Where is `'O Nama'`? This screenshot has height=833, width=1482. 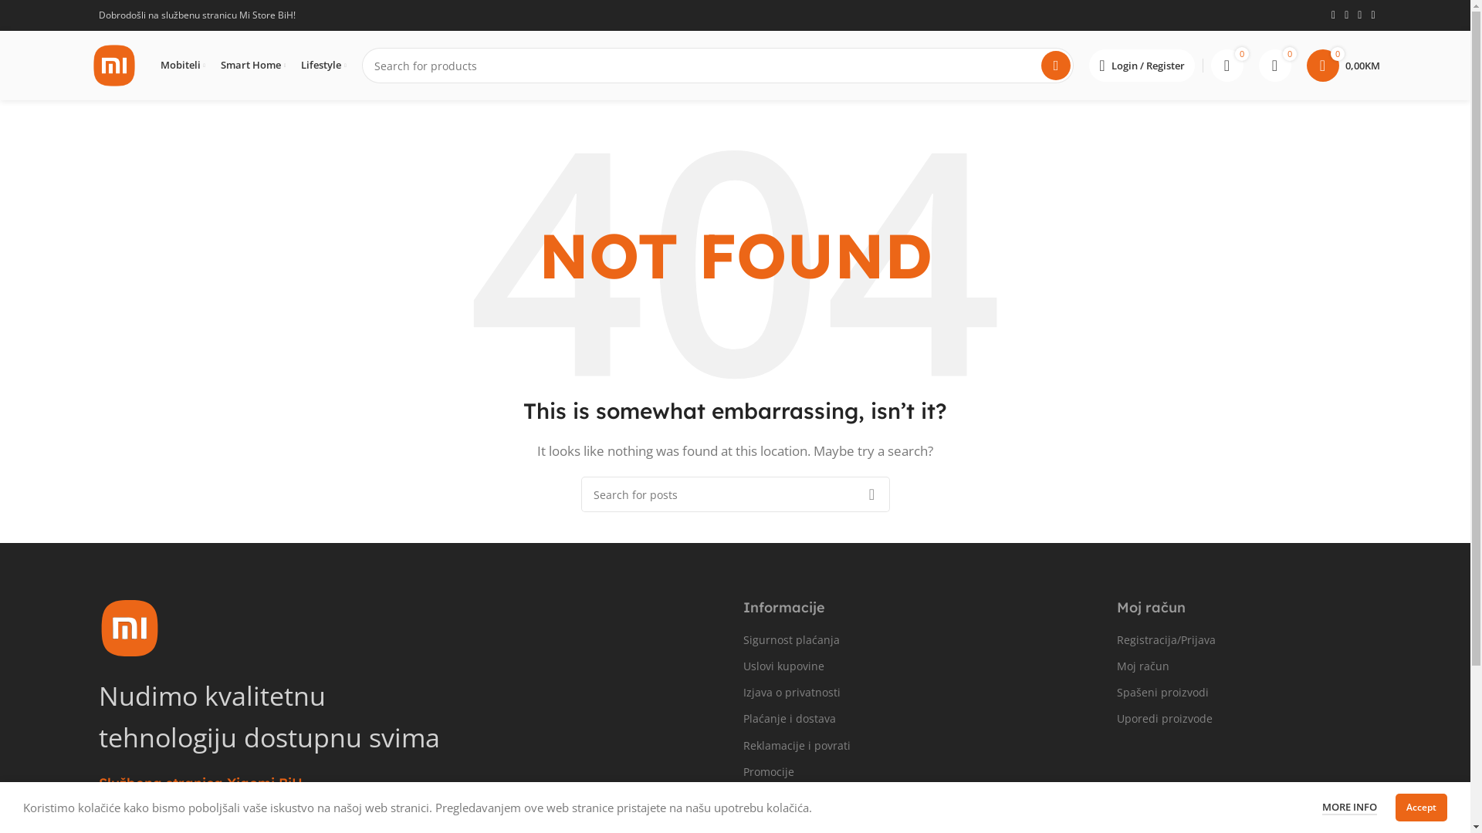 'O Nama' is located at coordinates (742, 798).